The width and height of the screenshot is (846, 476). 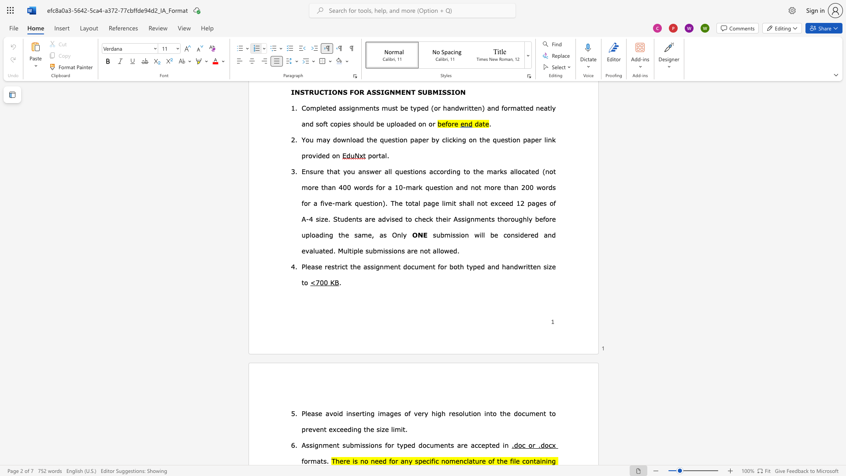 What do you see at coordinates (538, 460) in the screenshot?
I see `the 1th character "a" in the text` at bounding box center [538, 460].